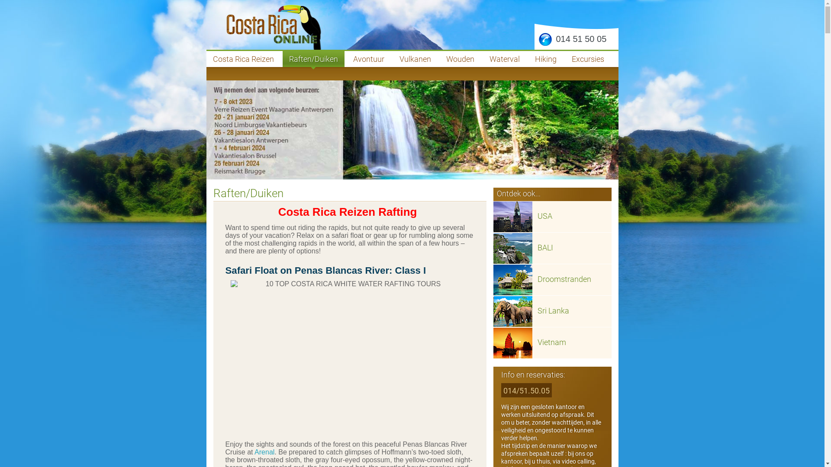 The width and height of the screenshot is (831, 467). What do you see at coordinates (440, 58) in the screenshot?
I see `'Wouden'` at bounding box center [440, 58].